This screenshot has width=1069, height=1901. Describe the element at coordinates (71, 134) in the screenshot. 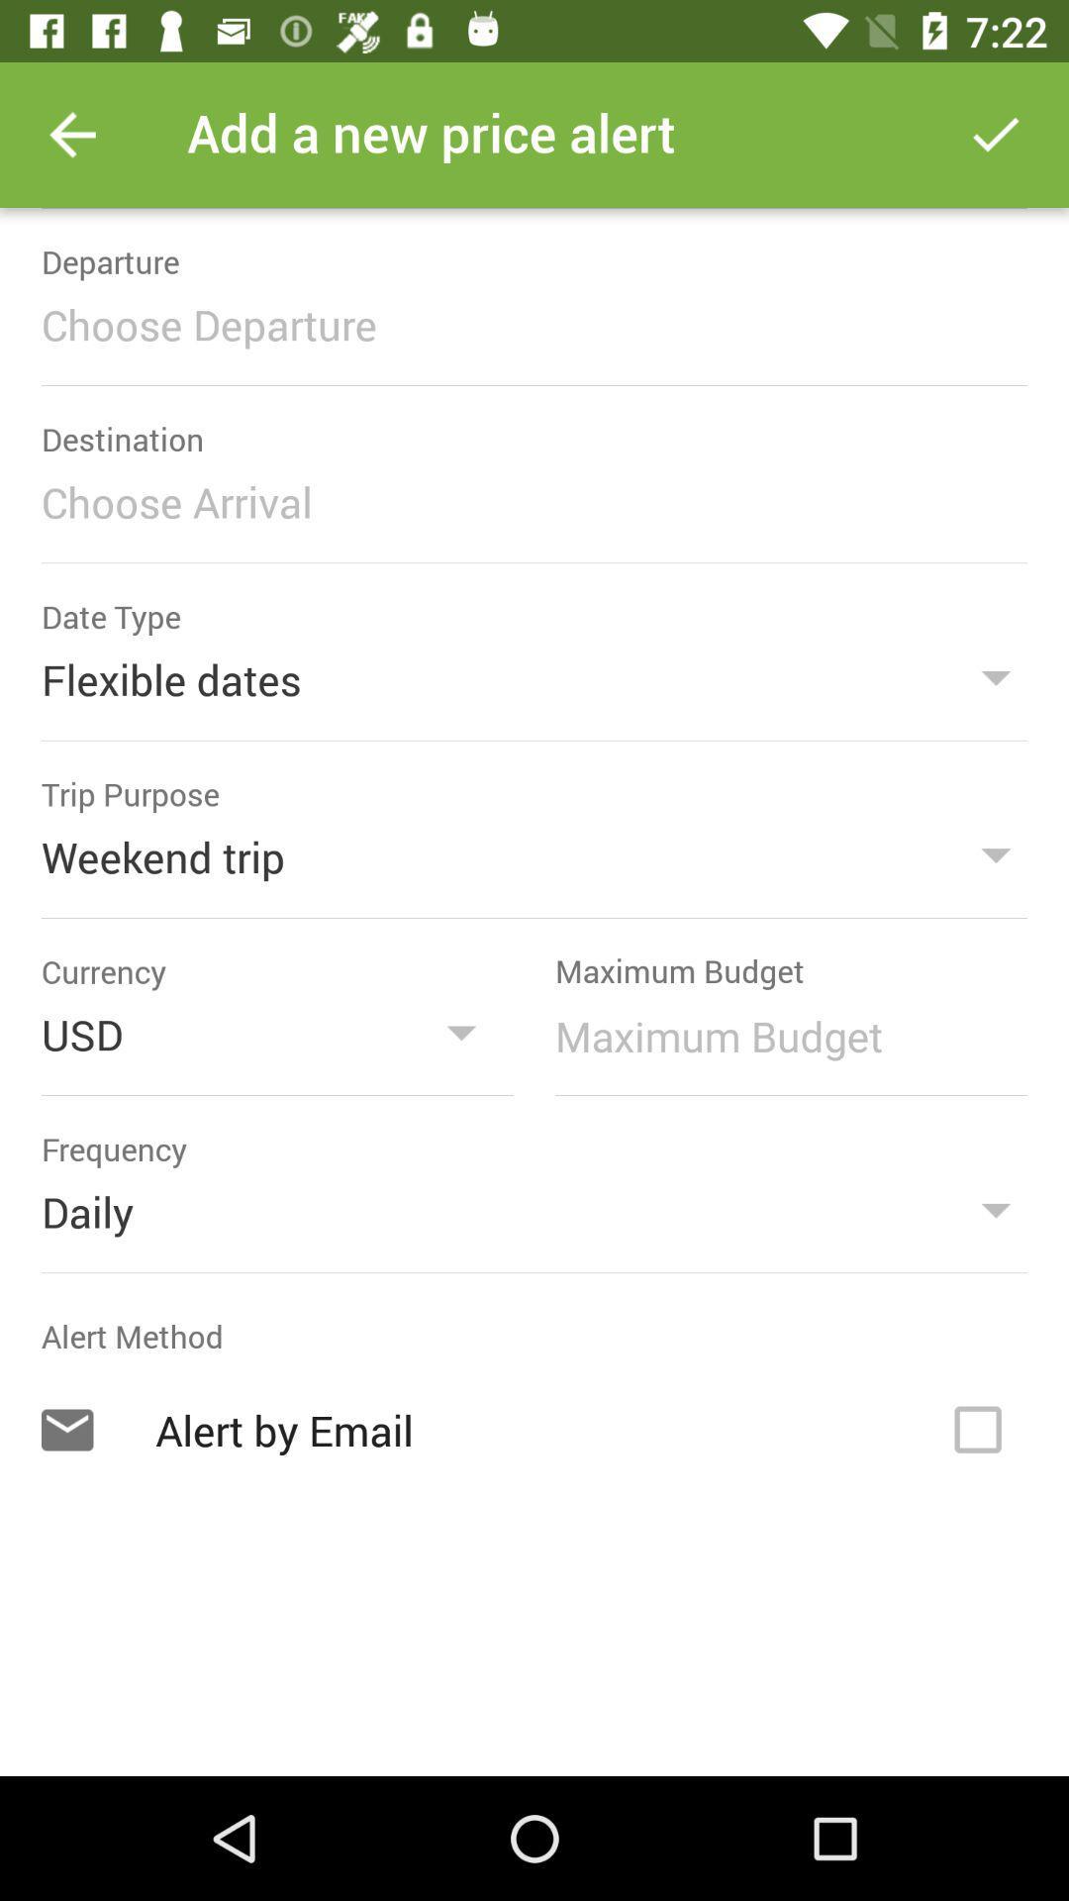

I see `the item next to add a new item` at that location.